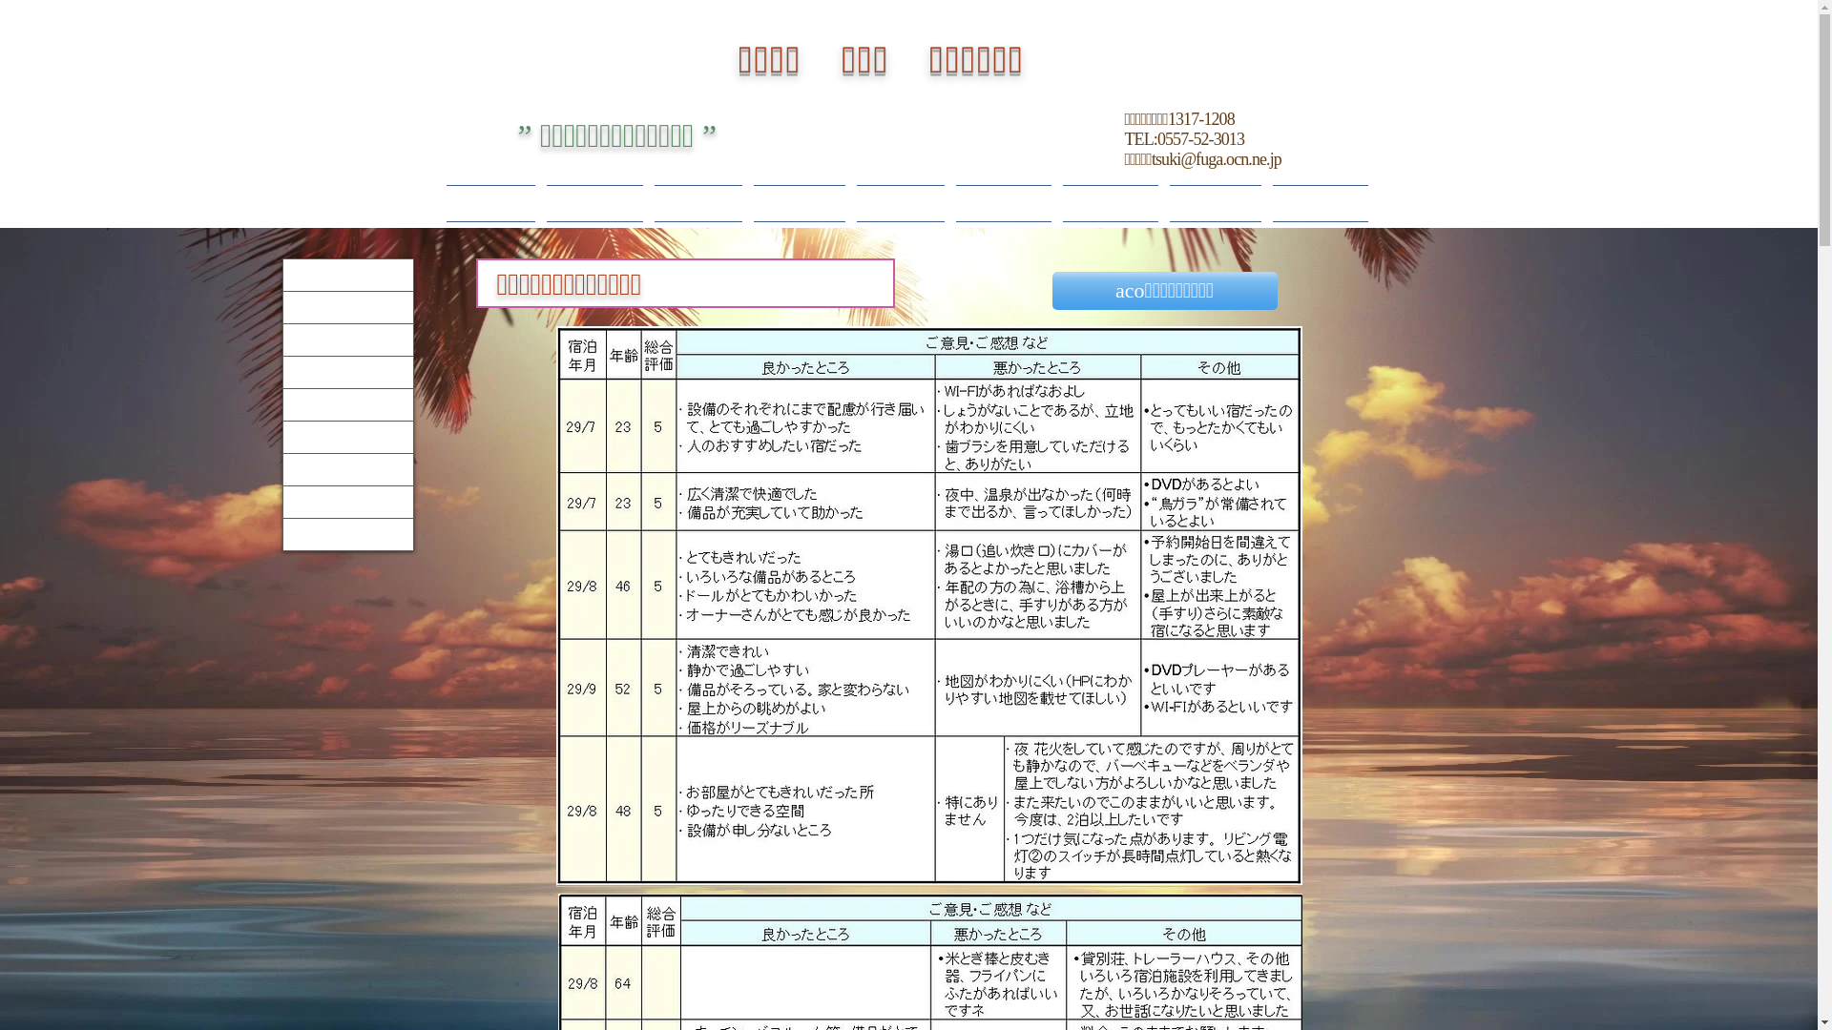 Image resolution: width=1832 pixels, height=1030 pixels. I want to click on 'tsuki@fuga.ocn.ne.jp', so click(1216, 157).